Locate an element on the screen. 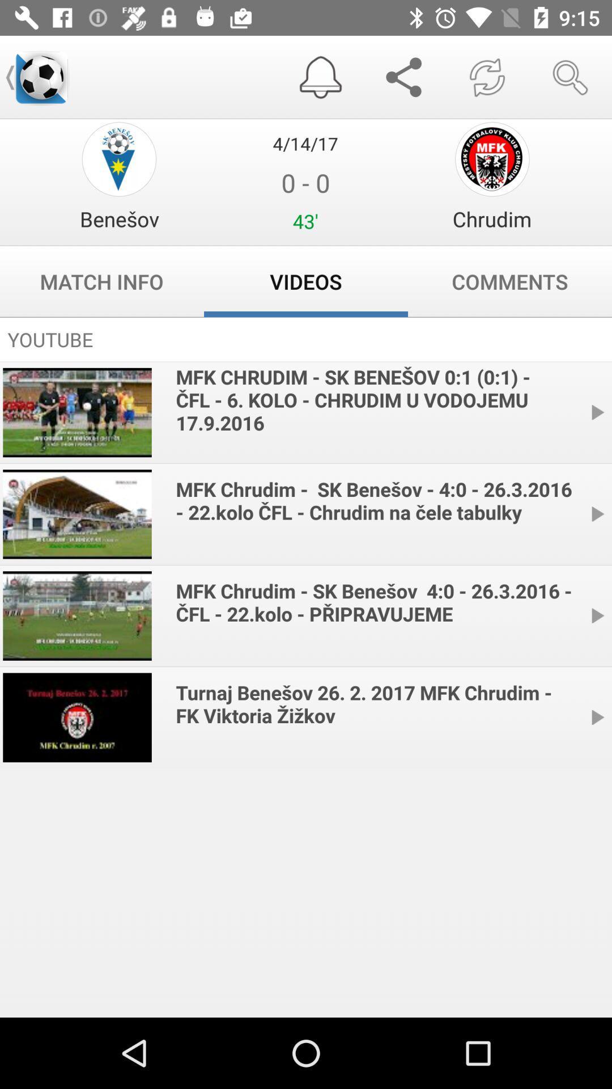 This screenshot has height=1089, width=612. the avatar icon is located at coordinates (119, 158).